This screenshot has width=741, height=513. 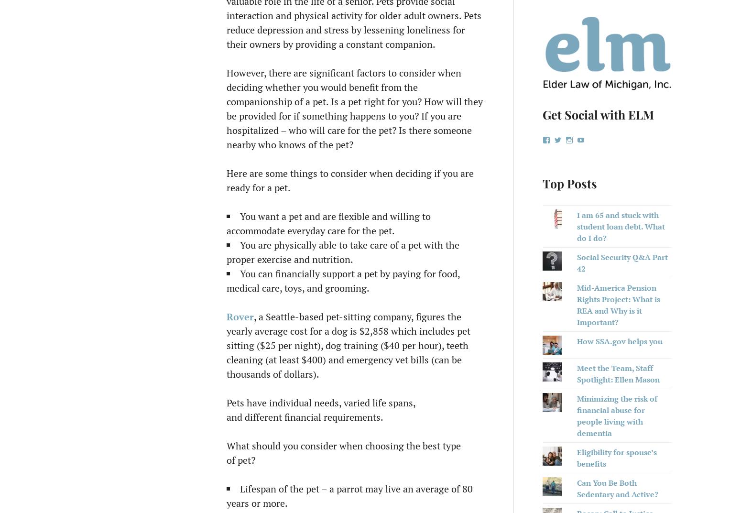 I want to click on 'How SSA.gov helps you', so click(x=619, y=341).